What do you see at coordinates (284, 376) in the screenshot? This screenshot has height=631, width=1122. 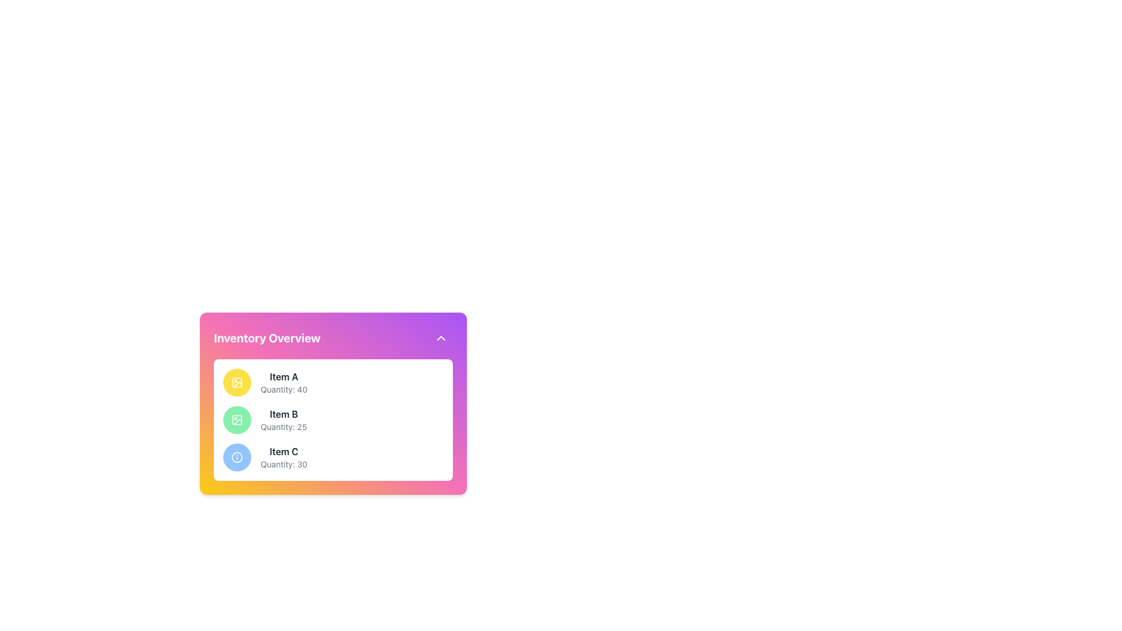 I see `the text label identifying 'Item A', located in the top entry of the inventory list, next to the yellow icon and above 'Quantity: 40'` at bounding box center [284, 376].